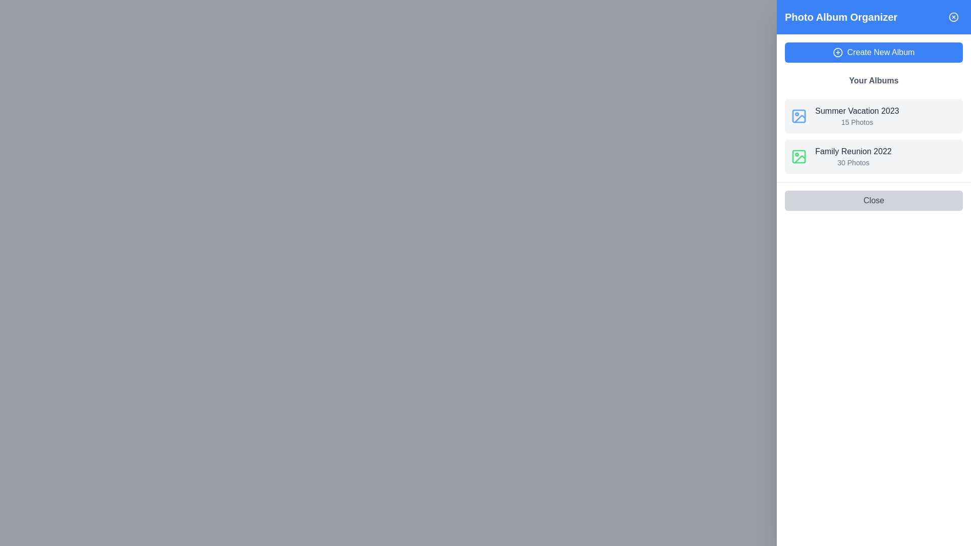  Describe the element at coordinates (880, 53) in the screenshot. I see `text content of the text label that describes the action to create a new photo album, positioned to the right of a circular plus icon in the top aligned button group` at that location.